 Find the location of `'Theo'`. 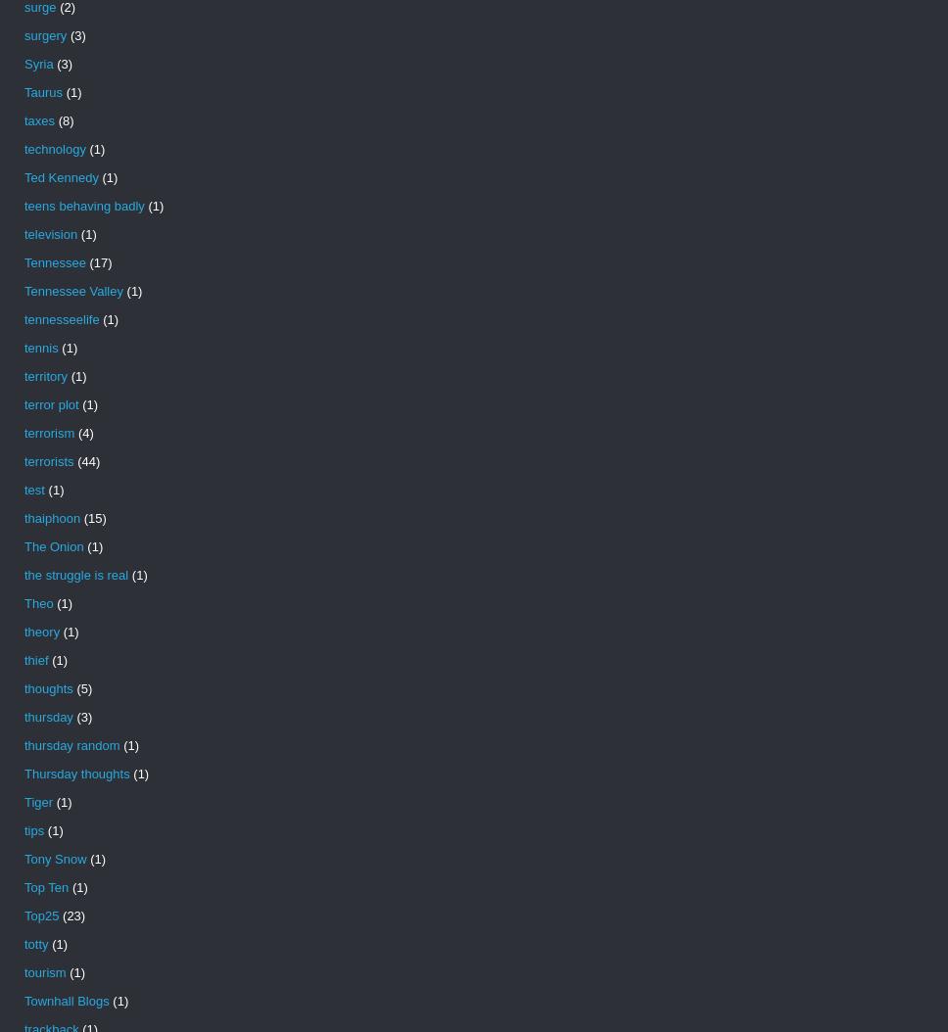

'Theo' is located at coordinates (38, 602).